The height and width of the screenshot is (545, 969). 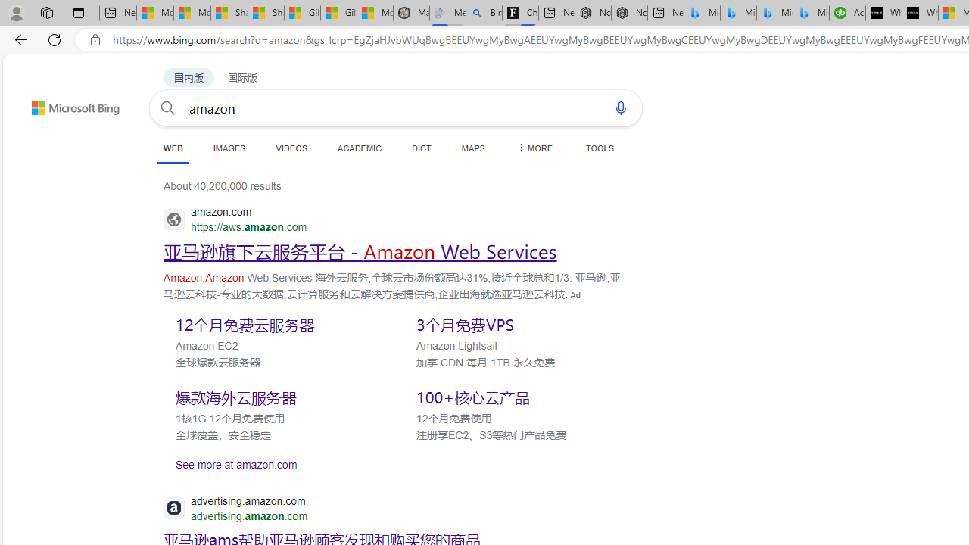 I want to click on 'Chloe Sorvino', so click(x=520, y=13).